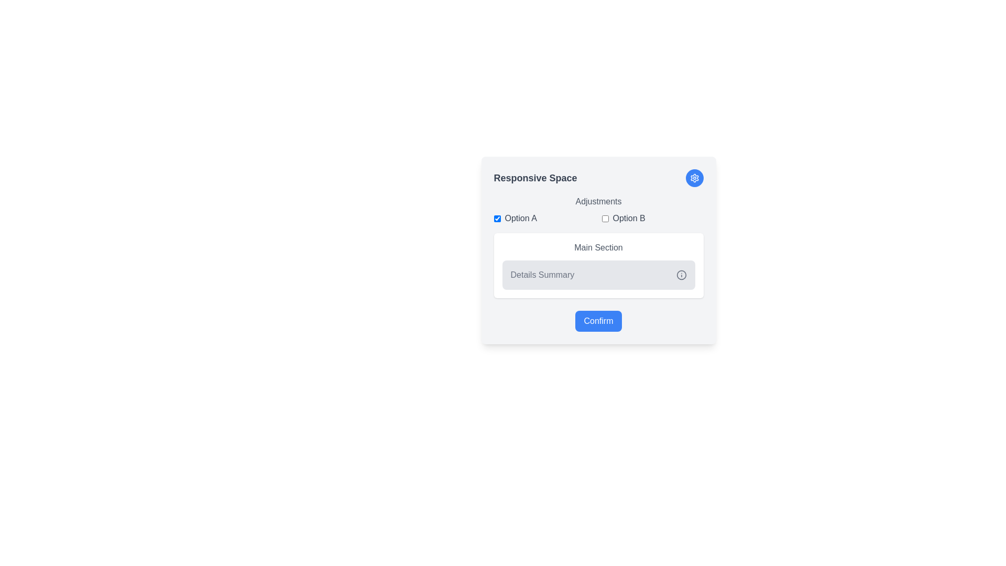 The image size is (1006, 566). What do you see at coordinates (605, 217) in the screenshot?
I see `the checkbox for 'Option B'` at bounding box center [605, 217].